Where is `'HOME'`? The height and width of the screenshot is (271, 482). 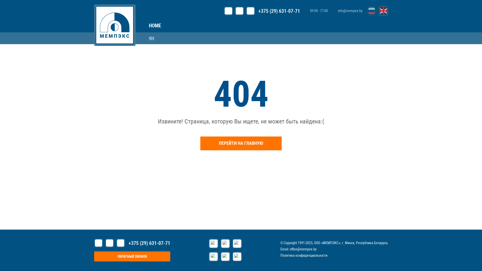 'HOME' is located at coordinates (155, 25).